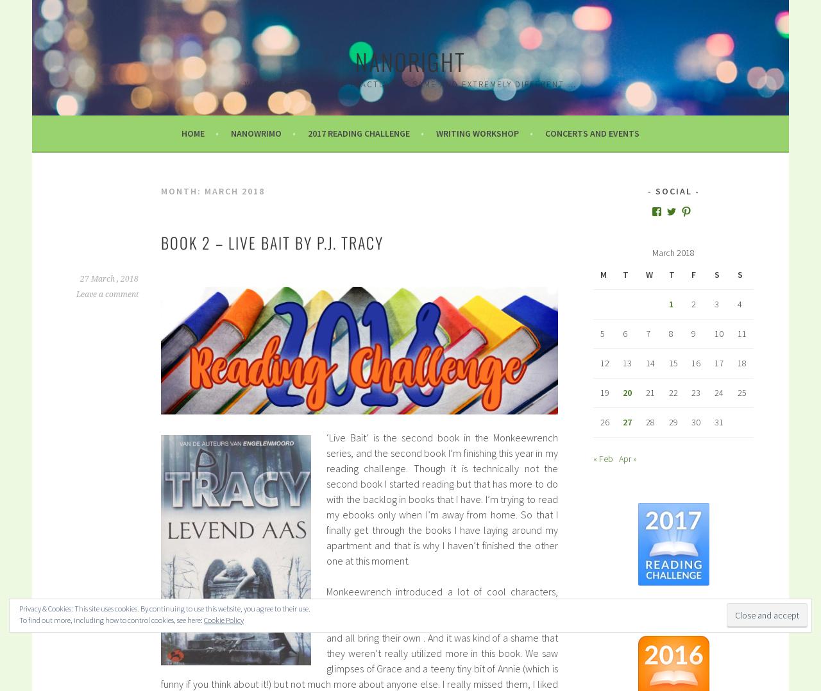  What do you see at coordinates (109, 278) in the screenshot?
I see `'27 March , 2018'` at bounding box center [109, 278].